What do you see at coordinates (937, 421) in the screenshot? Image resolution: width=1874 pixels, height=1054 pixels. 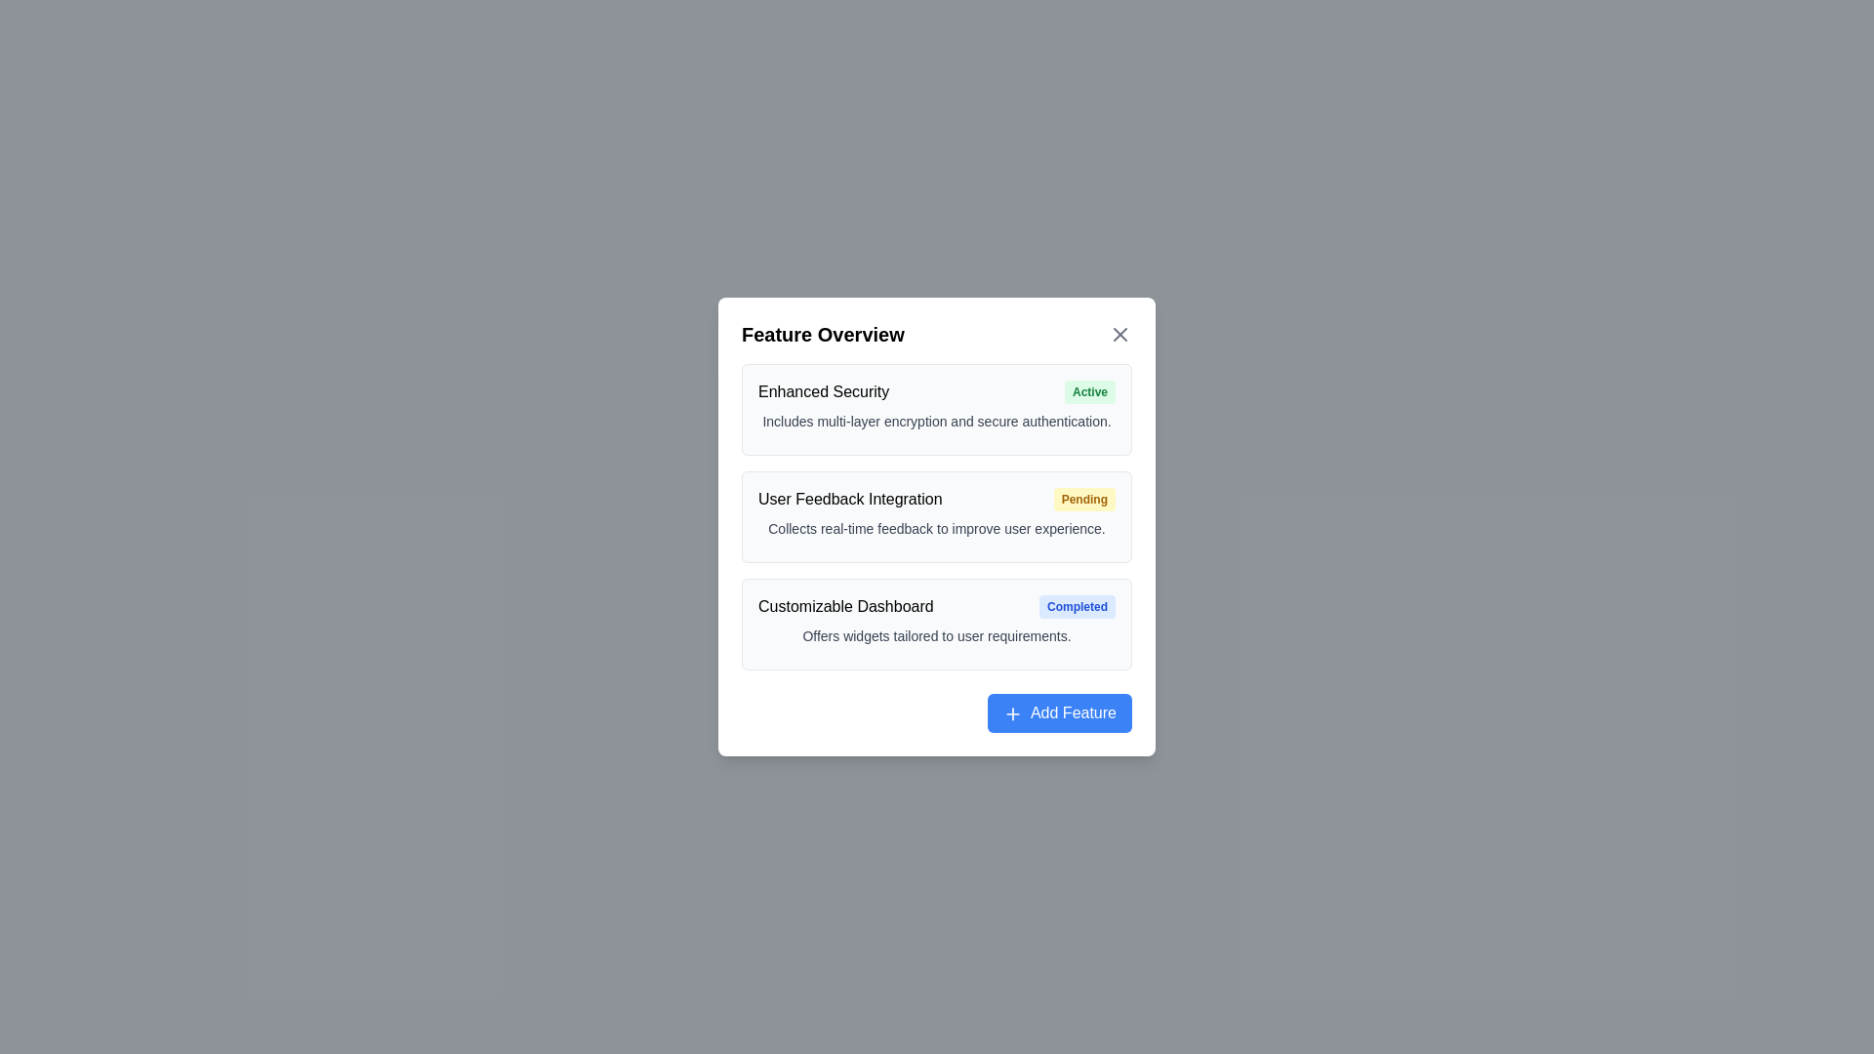 I see `text content of the element displaying the feature details, which is a small gray sans-serif text located under the 'Enhanced Security' section, stating 'Includes multi-layer encryption and secure authentication.'` at bounding box center [937, 421].